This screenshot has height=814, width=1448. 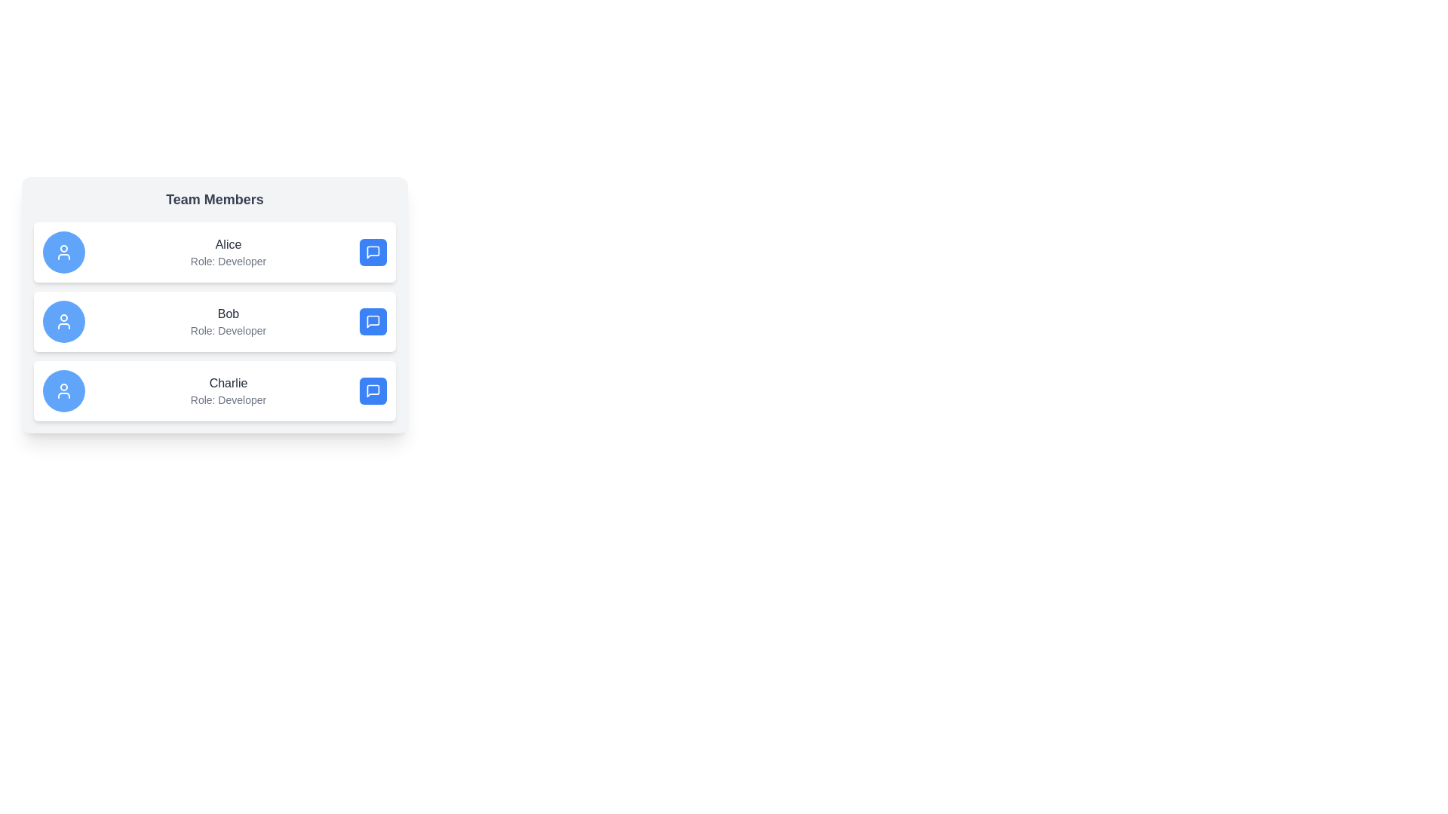 What do you see at coordinates (63, 252) in the screenshot?
I see `the avatar icon representing the user 'Alice' in the 'Team Members' list, which is the topmost avatar aligned to the left of the text label` at bounding box center [63, 252].